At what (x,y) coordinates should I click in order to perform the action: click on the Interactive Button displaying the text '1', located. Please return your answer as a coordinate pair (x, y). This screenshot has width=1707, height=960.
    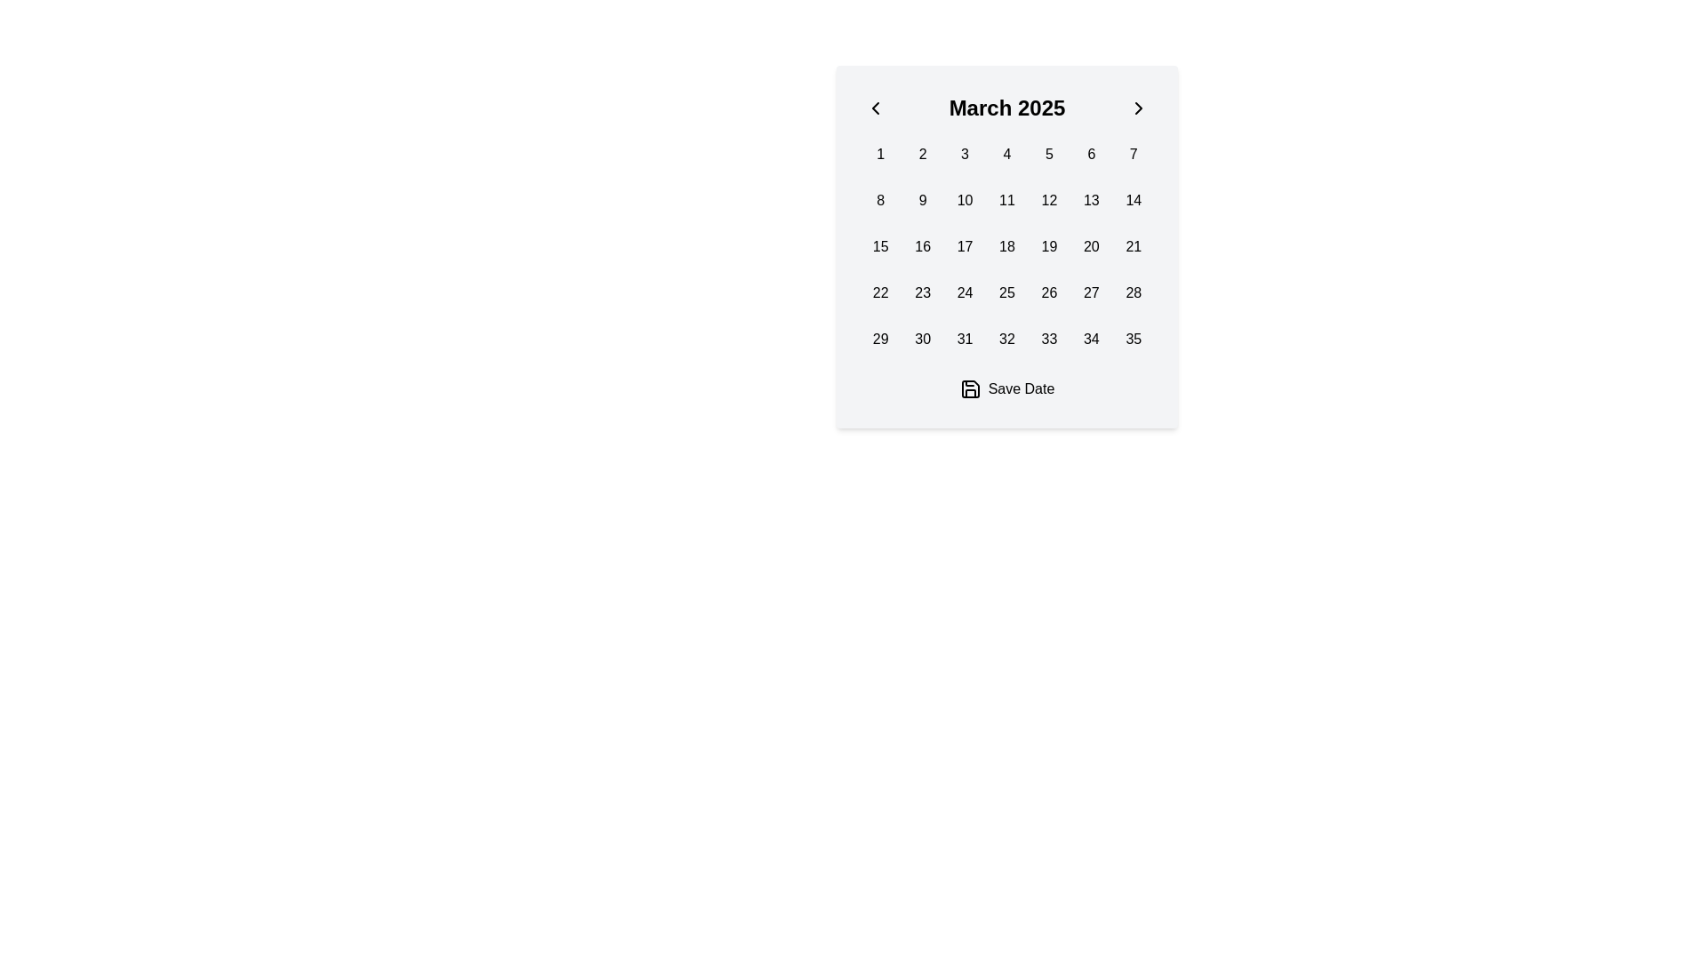
    Looking at the image, I should click on (880, 153).